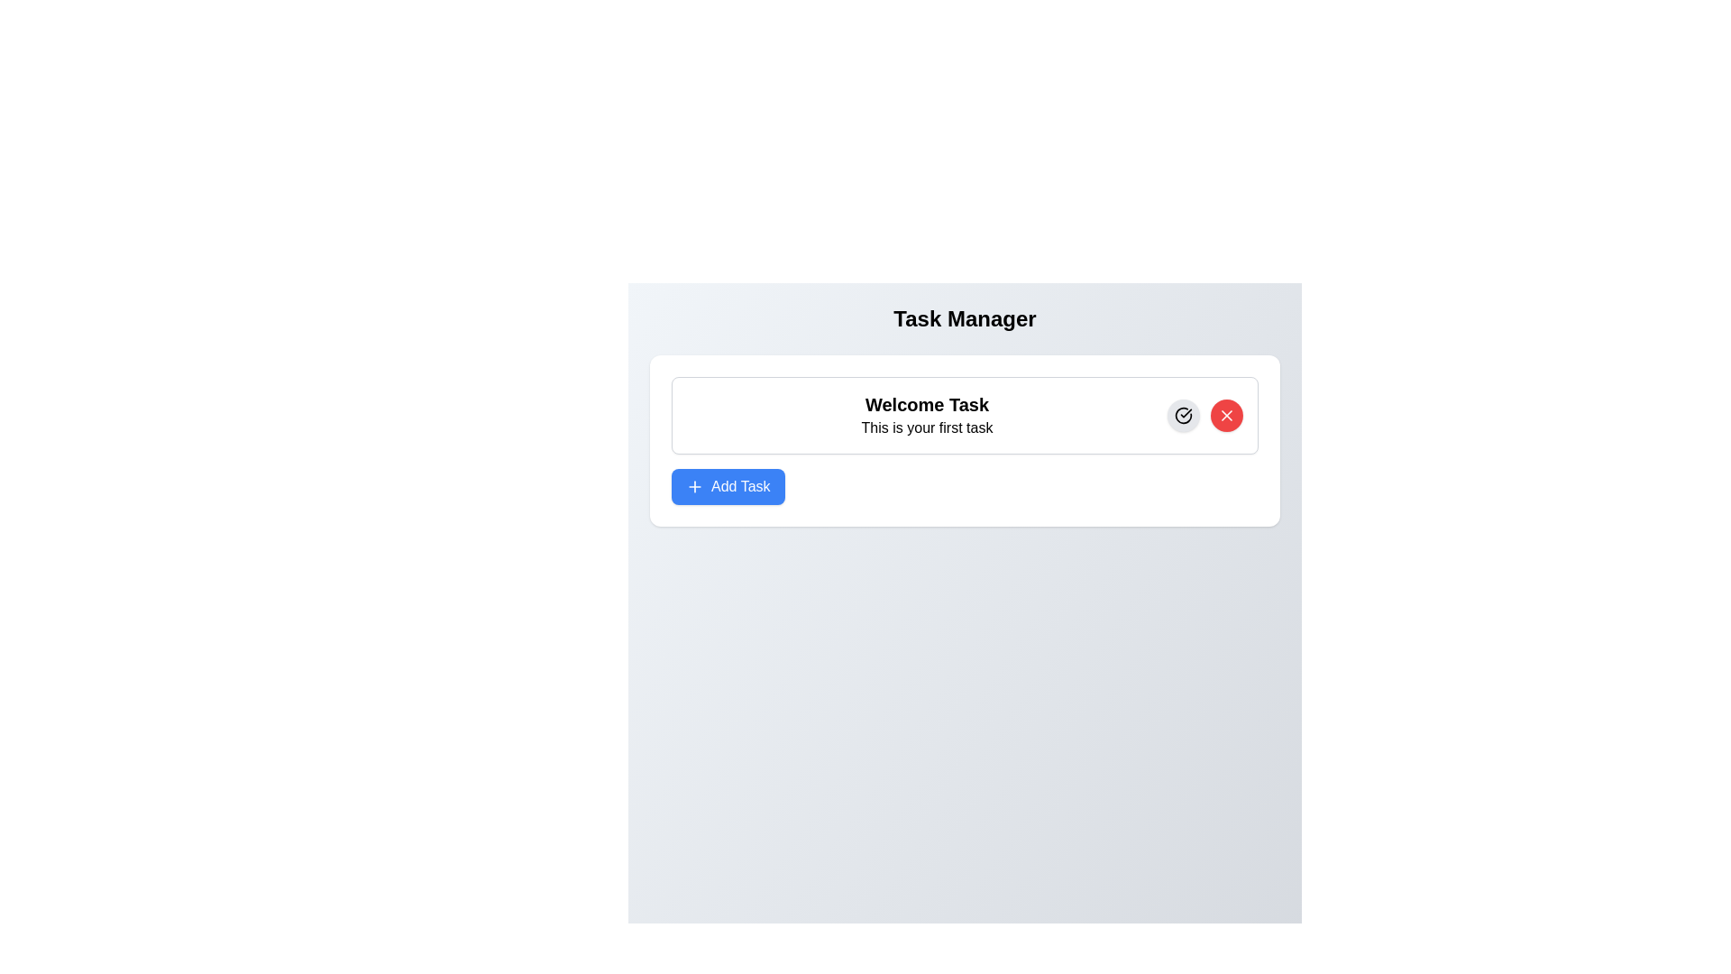  Describe the element at coordinates (1226, 416) in the screenshot. I see `the red circular button containing the 'X' icon` at that location.